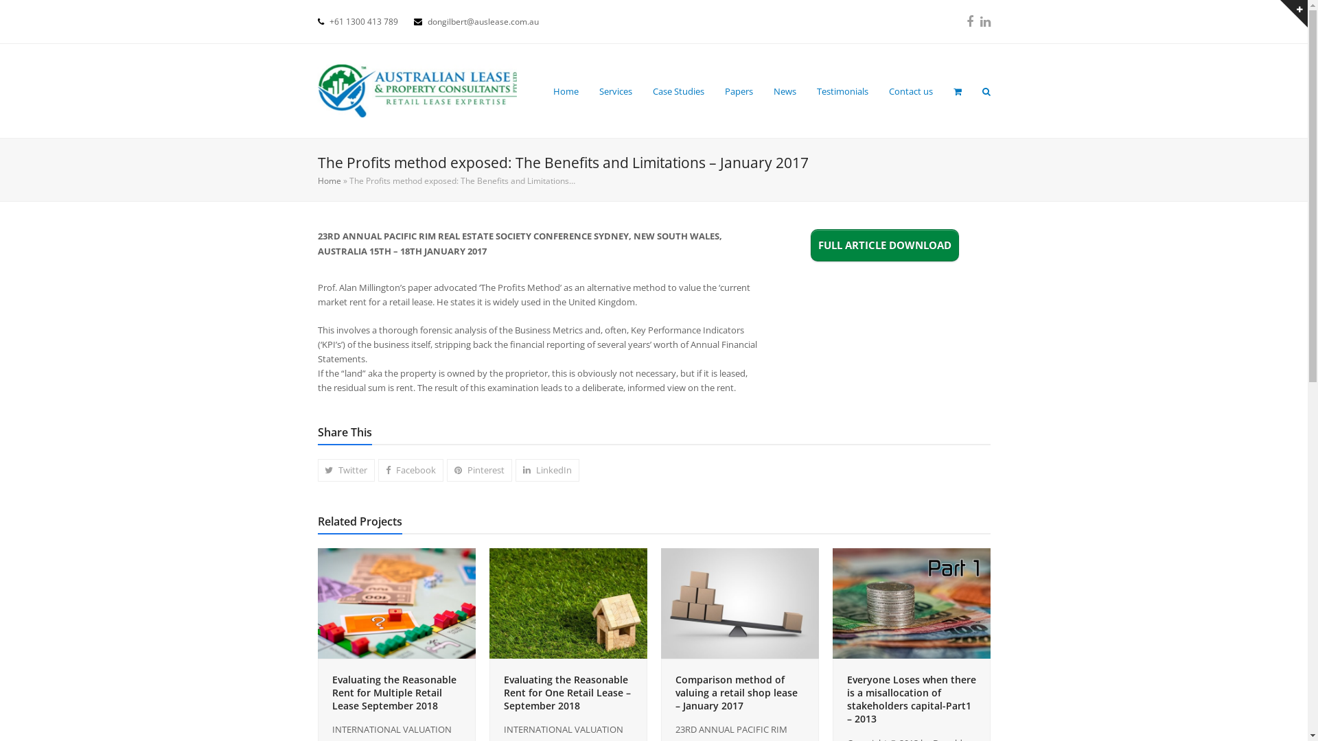 The image size is (1318, 741). What do you see at coordinates (969, 21) in the screenshot?
I see `'Facebook'` at bounding box center [969, 21].